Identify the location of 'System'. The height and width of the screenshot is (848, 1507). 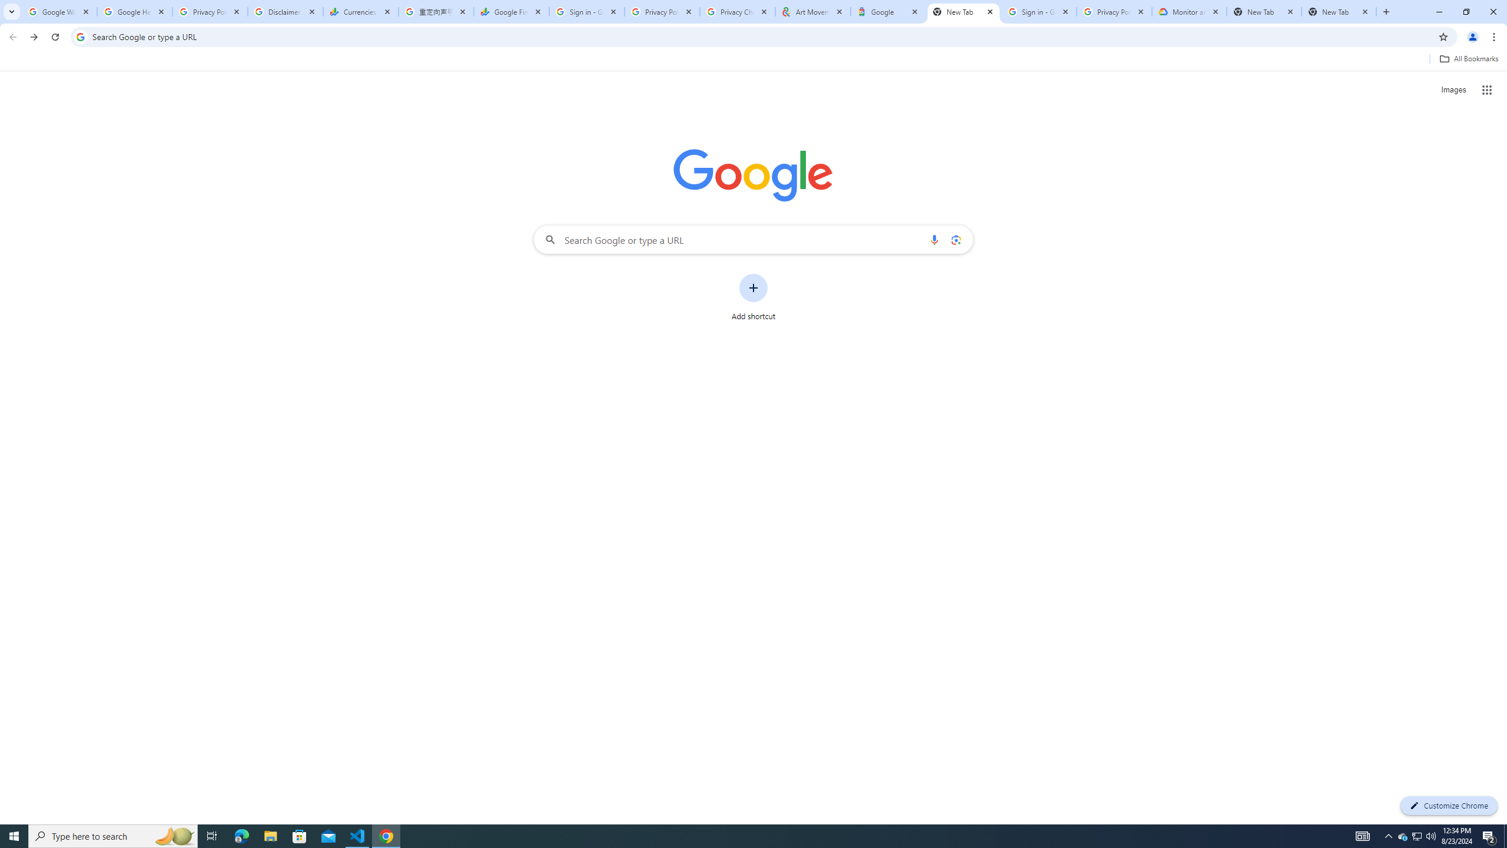
(6, 5).